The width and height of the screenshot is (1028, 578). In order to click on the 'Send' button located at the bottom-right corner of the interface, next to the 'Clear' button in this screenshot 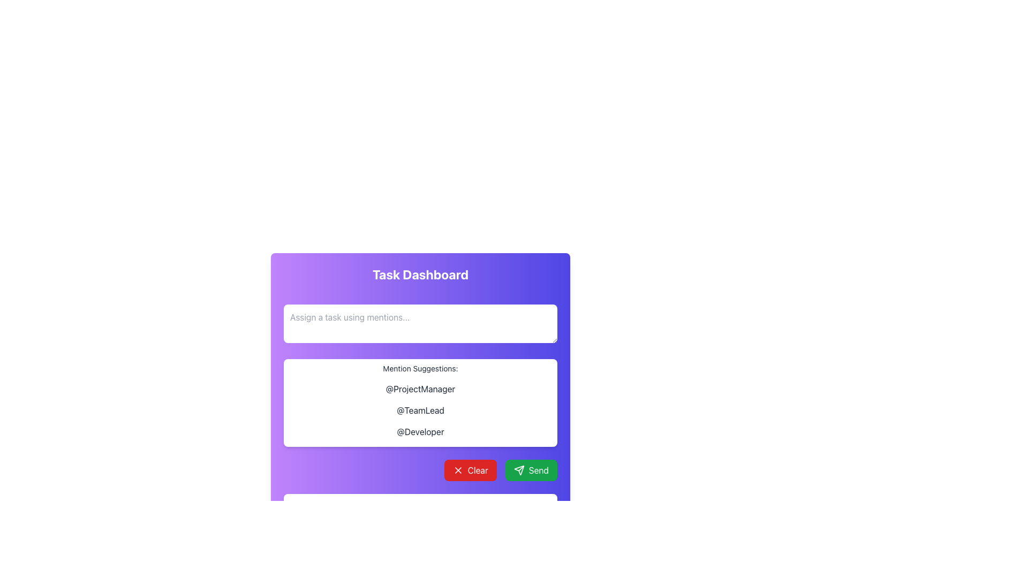, I will do `click(531, 470)`.